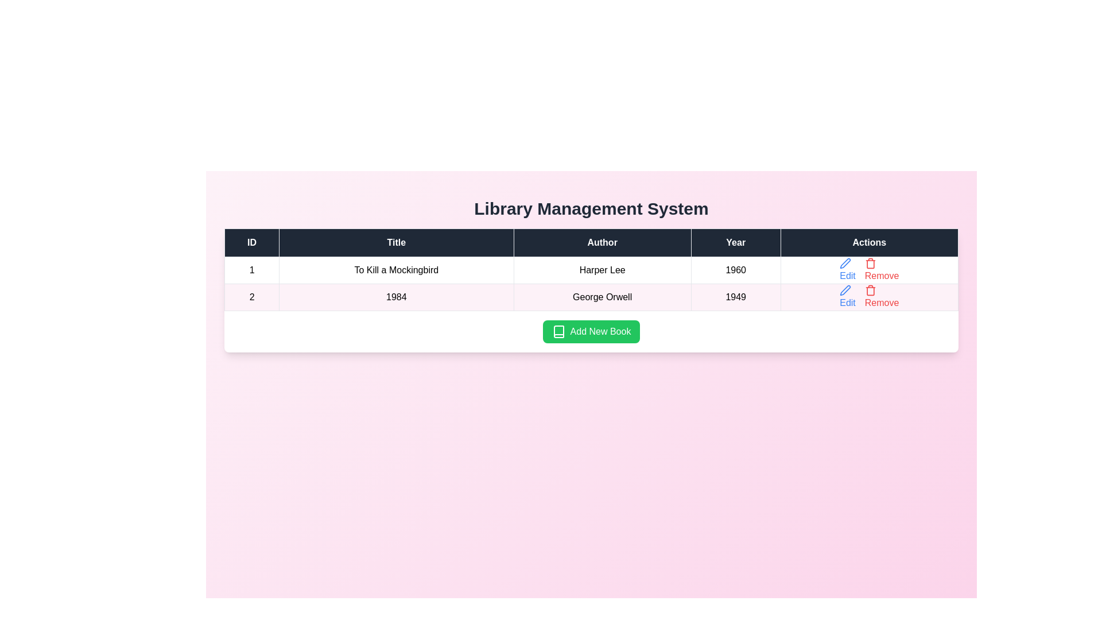 The height and width of the screenshot is (620, 1102). What do you see at coordinates (251, 296) in the screenshot?
I see `the static text displaying the numeral '2', which is bold and centered on a light pink background in the first cell of the second row under the 'ID' column in a book information table` at bounding box center [251, 296].